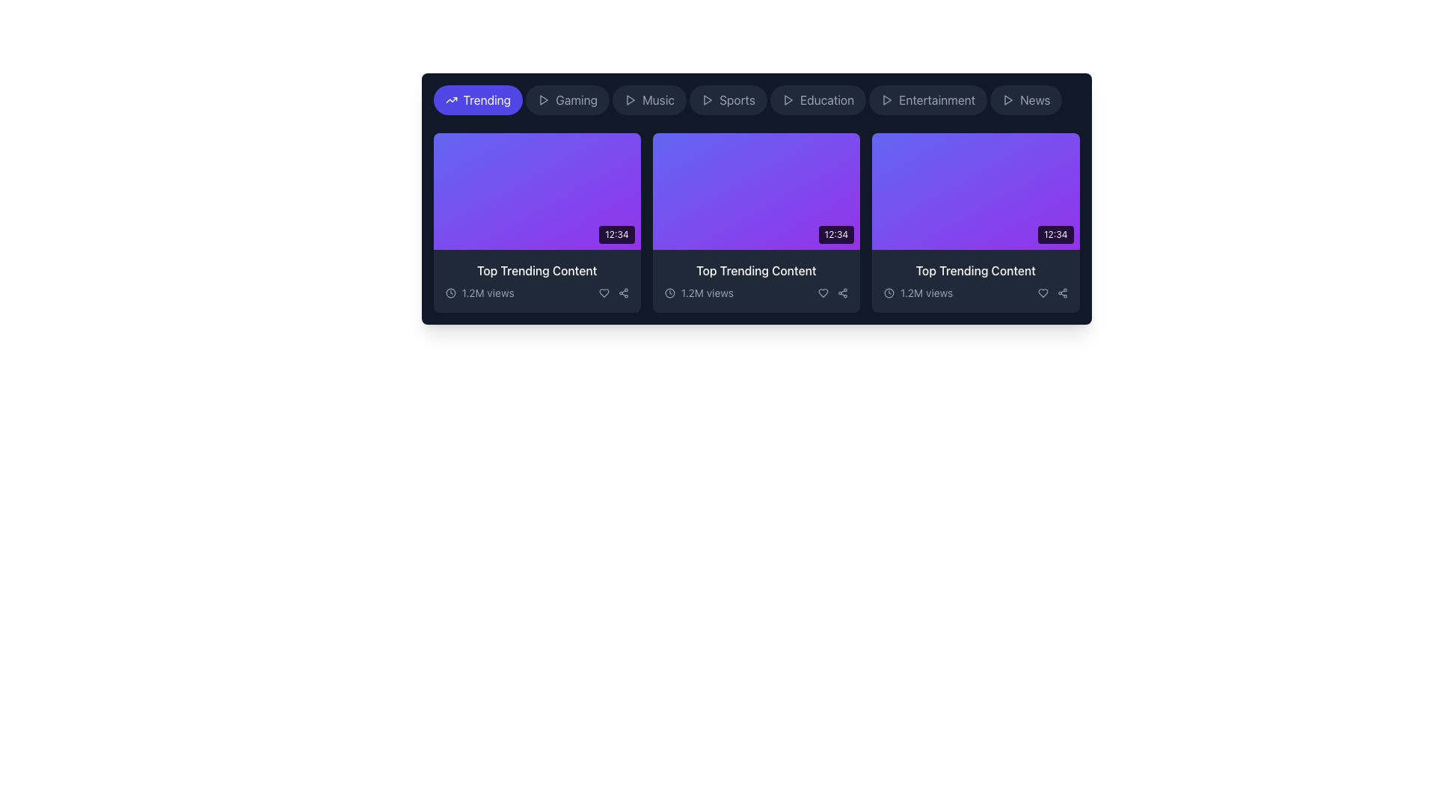 Image resolution: width=1436 pixels, height=808 pixels. I want to click on the 'News' button, which is a circular button with a dark gray background and lighter gray text, located at the top-right corner of the interface, so click(1025, 100).